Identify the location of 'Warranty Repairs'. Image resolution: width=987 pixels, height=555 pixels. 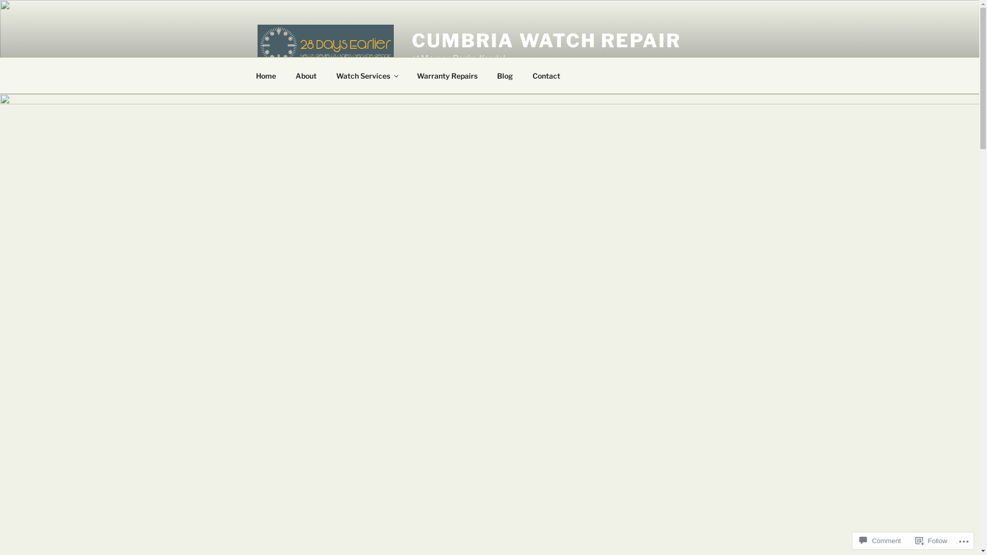
(447, 75).